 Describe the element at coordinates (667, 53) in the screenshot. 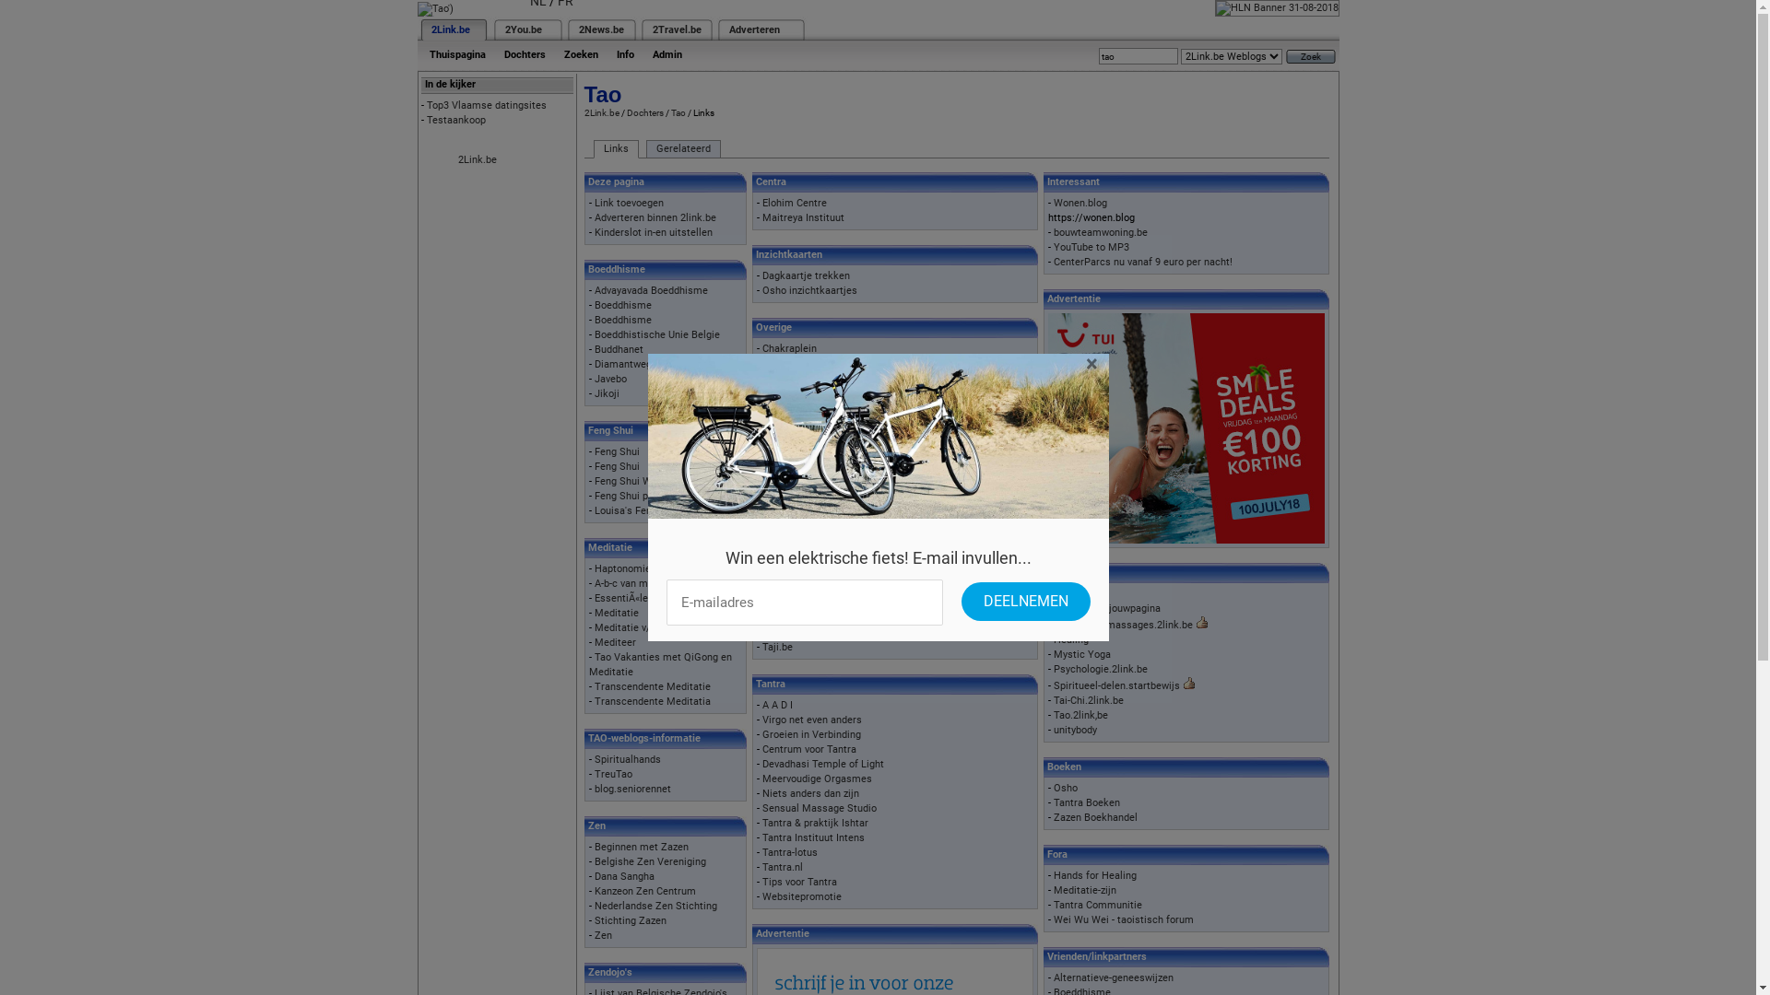

I see `'Admin'` at that location.